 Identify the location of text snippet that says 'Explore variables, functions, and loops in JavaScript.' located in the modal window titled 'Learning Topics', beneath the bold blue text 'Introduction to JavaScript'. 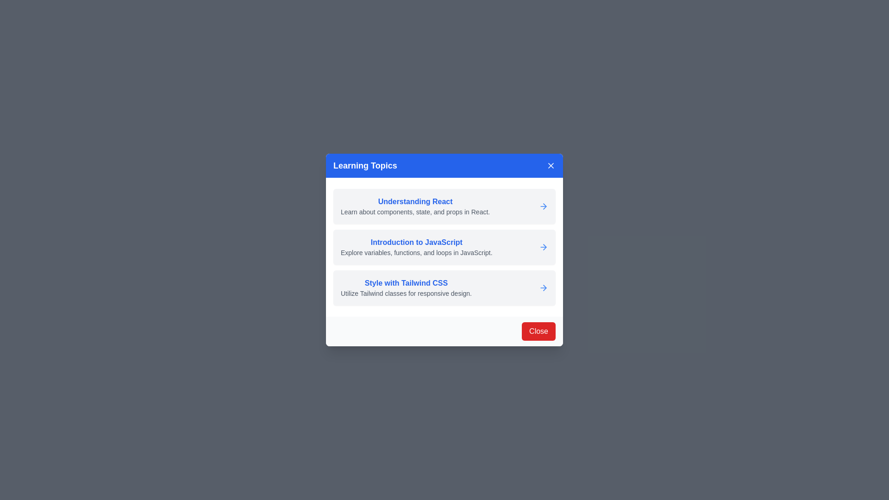
(416, 253).